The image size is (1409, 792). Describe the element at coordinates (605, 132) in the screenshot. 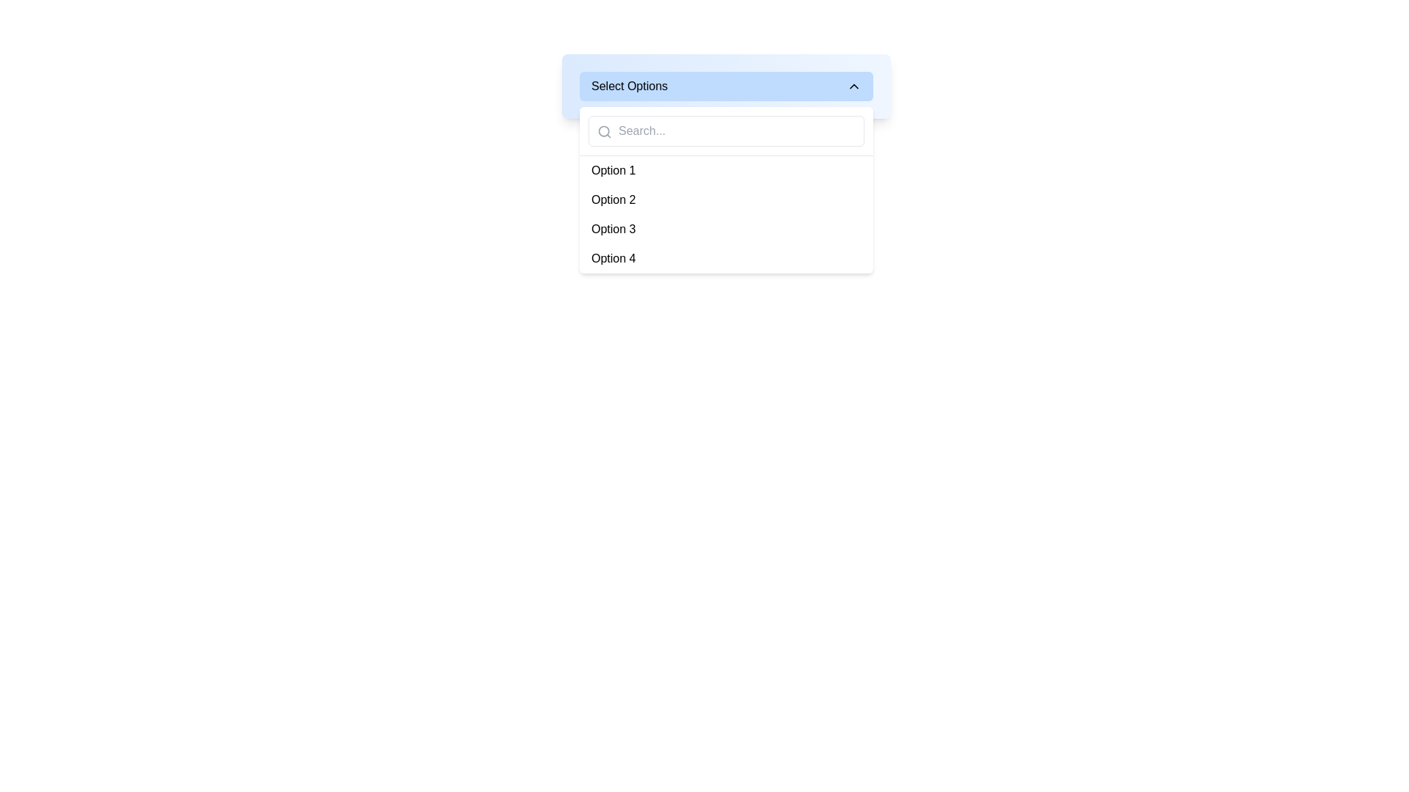

I see `the gray magnifying glass icon enclosed within a circular design, located on the left side of the search input box titled 'Select Options'` at that location.